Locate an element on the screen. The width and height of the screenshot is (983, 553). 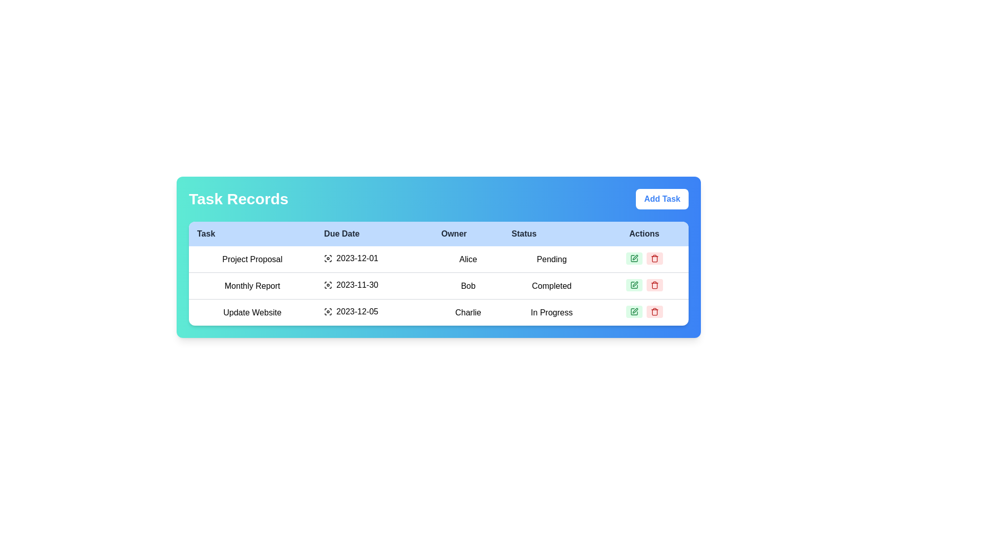
text displayed in the 'Project Proposal' label, located in the first cell of the row under the 'Task' column in the structured data table is located at coordinates (252, 259).